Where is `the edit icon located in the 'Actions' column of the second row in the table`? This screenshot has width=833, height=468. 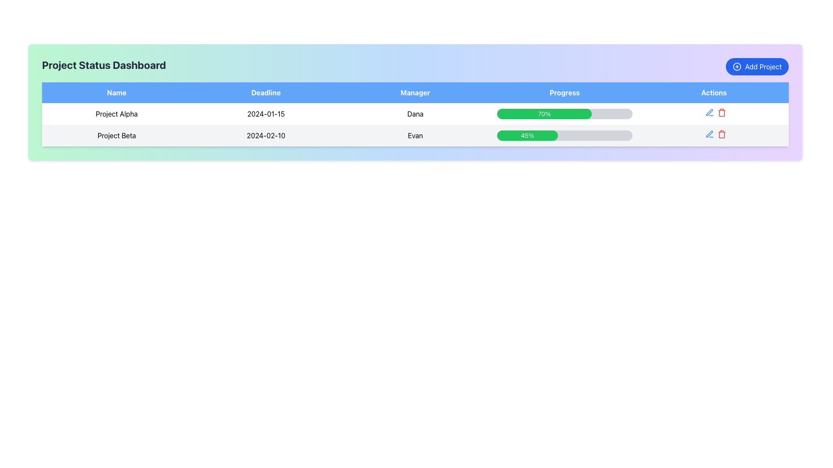 the edit icon located in the 'Actions' column of the second row in the table is located at coordinates (714, 135).